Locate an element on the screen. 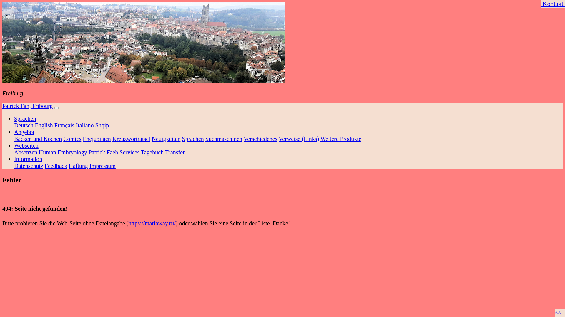 This screenshot has height=317, width=565. 'Transfer' is located at coordinates (175, 152).